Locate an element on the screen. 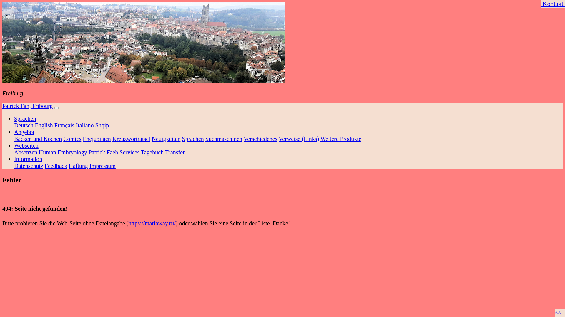 This screenshot has height=317, width=565. 'Transfer' is located at coordinates (175, 152).